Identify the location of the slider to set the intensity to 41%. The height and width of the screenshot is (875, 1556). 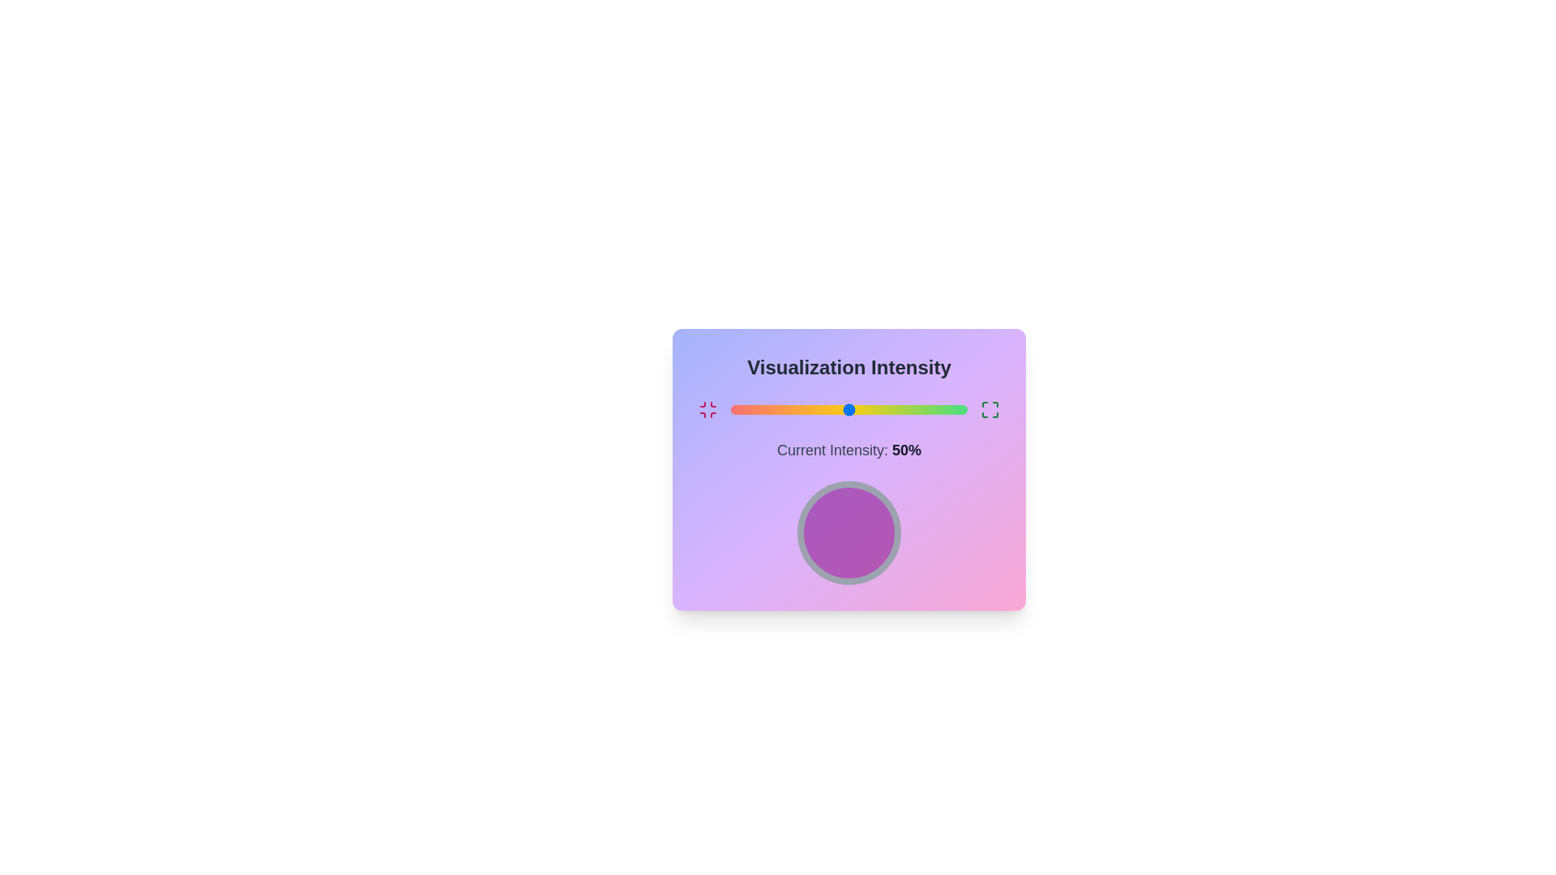
(827, 408).